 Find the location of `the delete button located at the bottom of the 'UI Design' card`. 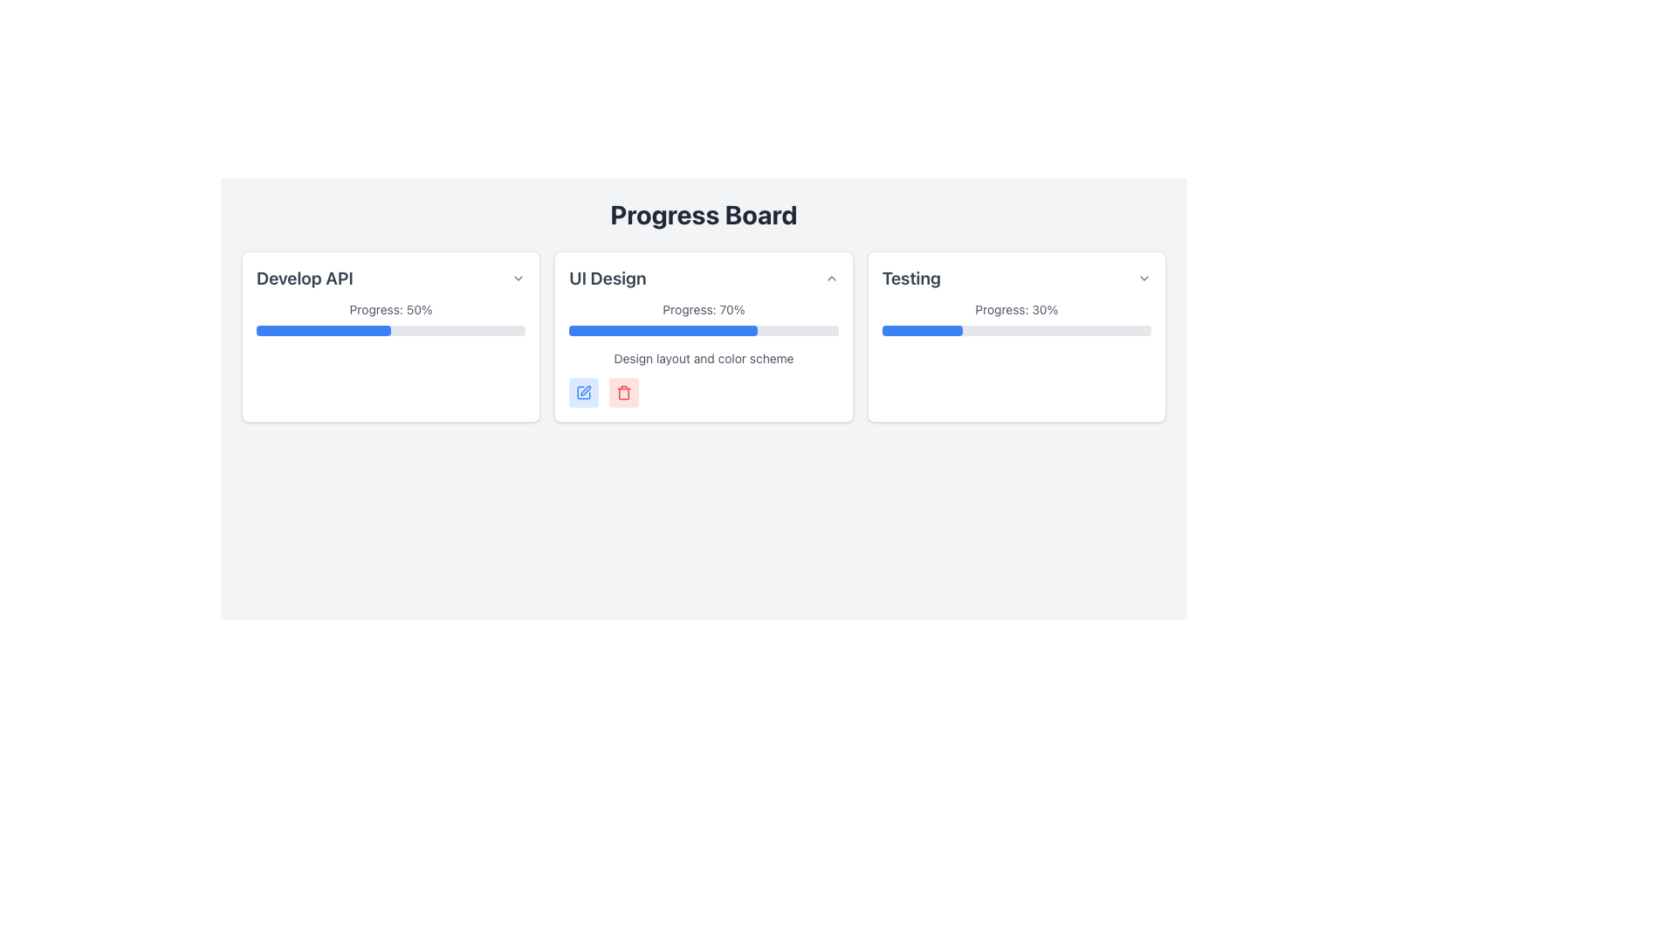

the delete button located at the bottom of the 'UI Design' card is located at coordinates (624, 393).